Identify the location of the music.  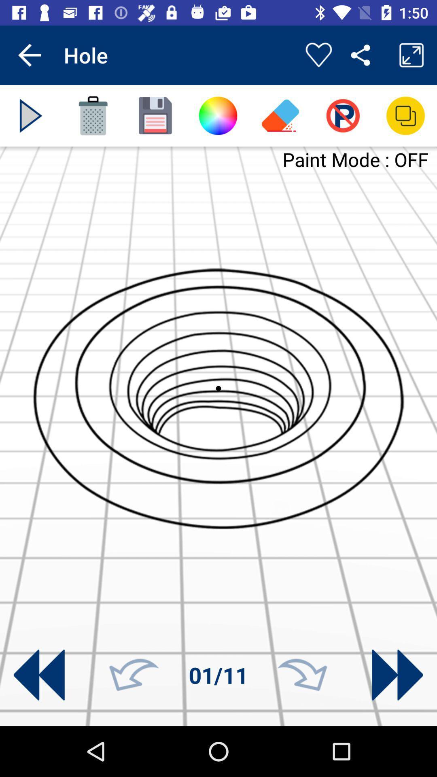
(30, 115).